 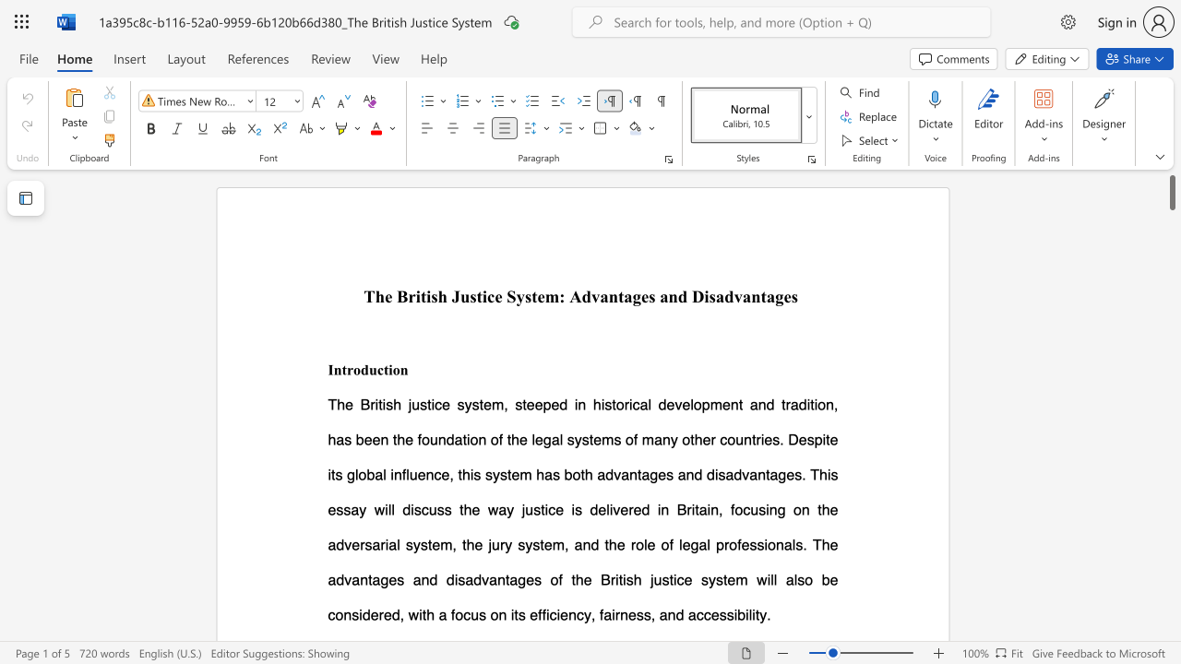 What do you see at coordinates (651, 295) in the screenshot?
I see `the 4th character "s" in the text` at bounding box center [651, 295].